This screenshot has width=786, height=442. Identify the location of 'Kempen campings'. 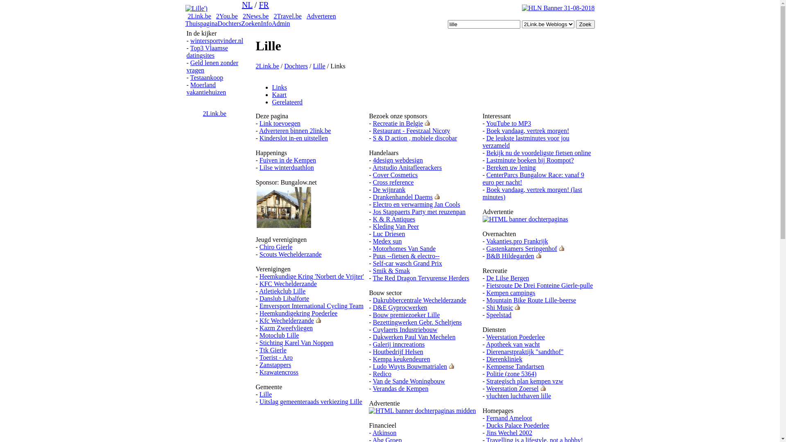
(510, 292).